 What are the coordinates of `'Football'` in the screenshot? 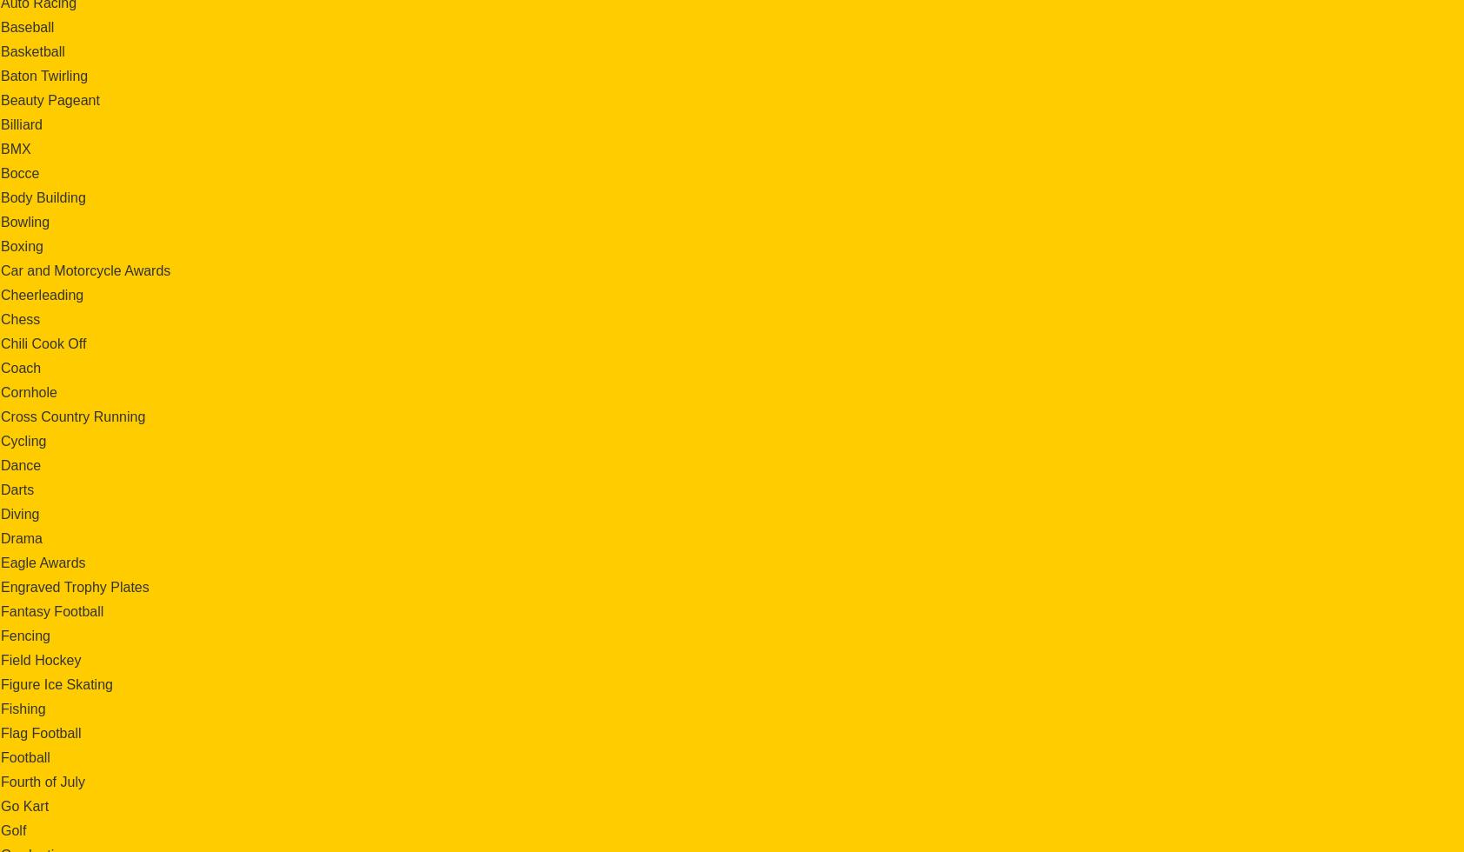 It's located at (23, 756).